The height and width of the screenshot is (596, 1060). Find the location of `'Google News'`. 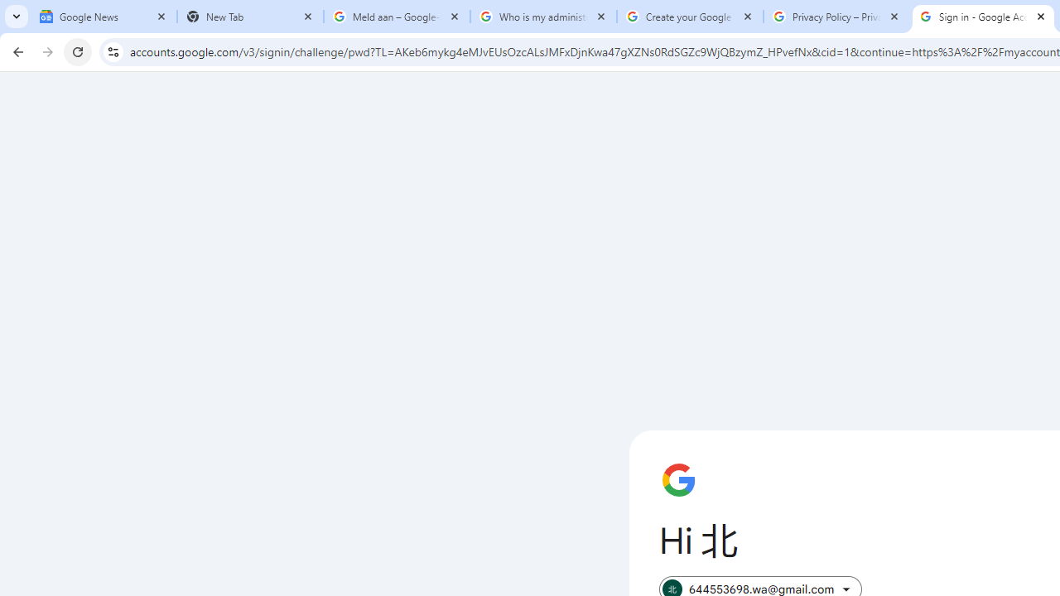

'Google News' is located at coordinates (103, 17).